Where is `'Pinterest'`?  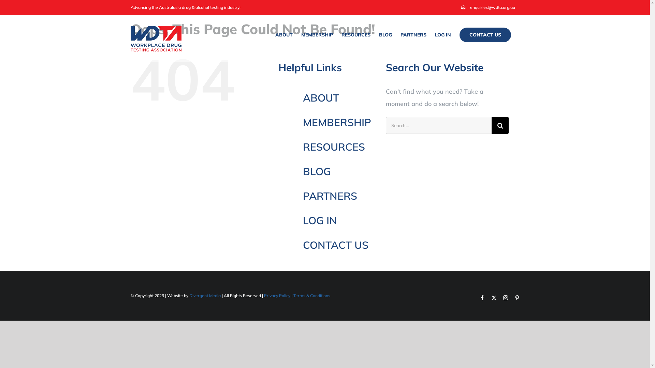 'Pinterest' is located at coordinates (517, 297).